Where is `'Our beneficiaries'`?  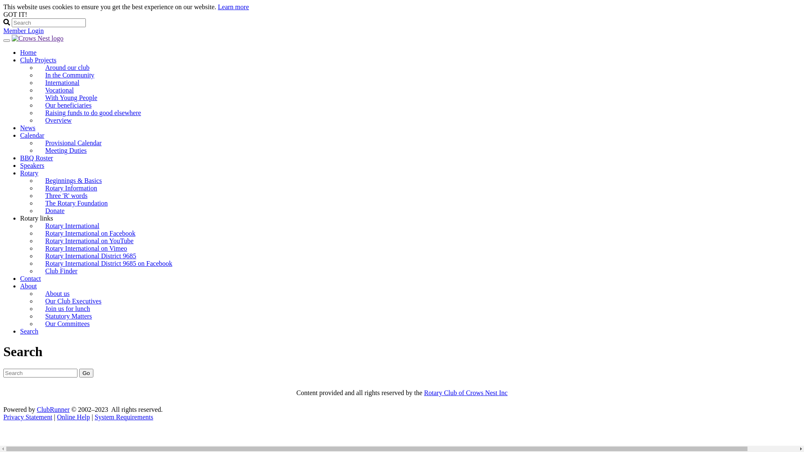 'Our beneficiaries' is located at coordinates (36, 105).